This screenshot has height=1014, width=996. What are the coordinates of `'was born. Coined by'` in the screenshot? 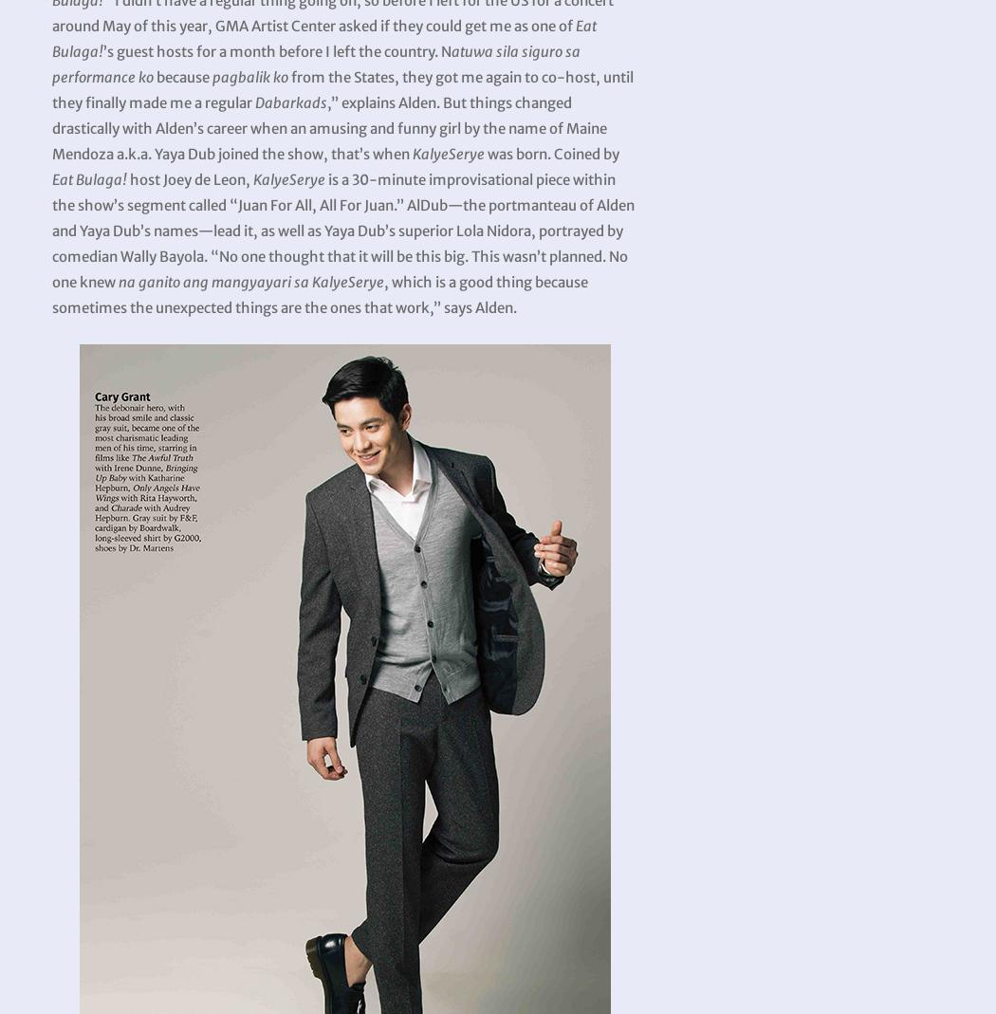 It's located at (484, 154).